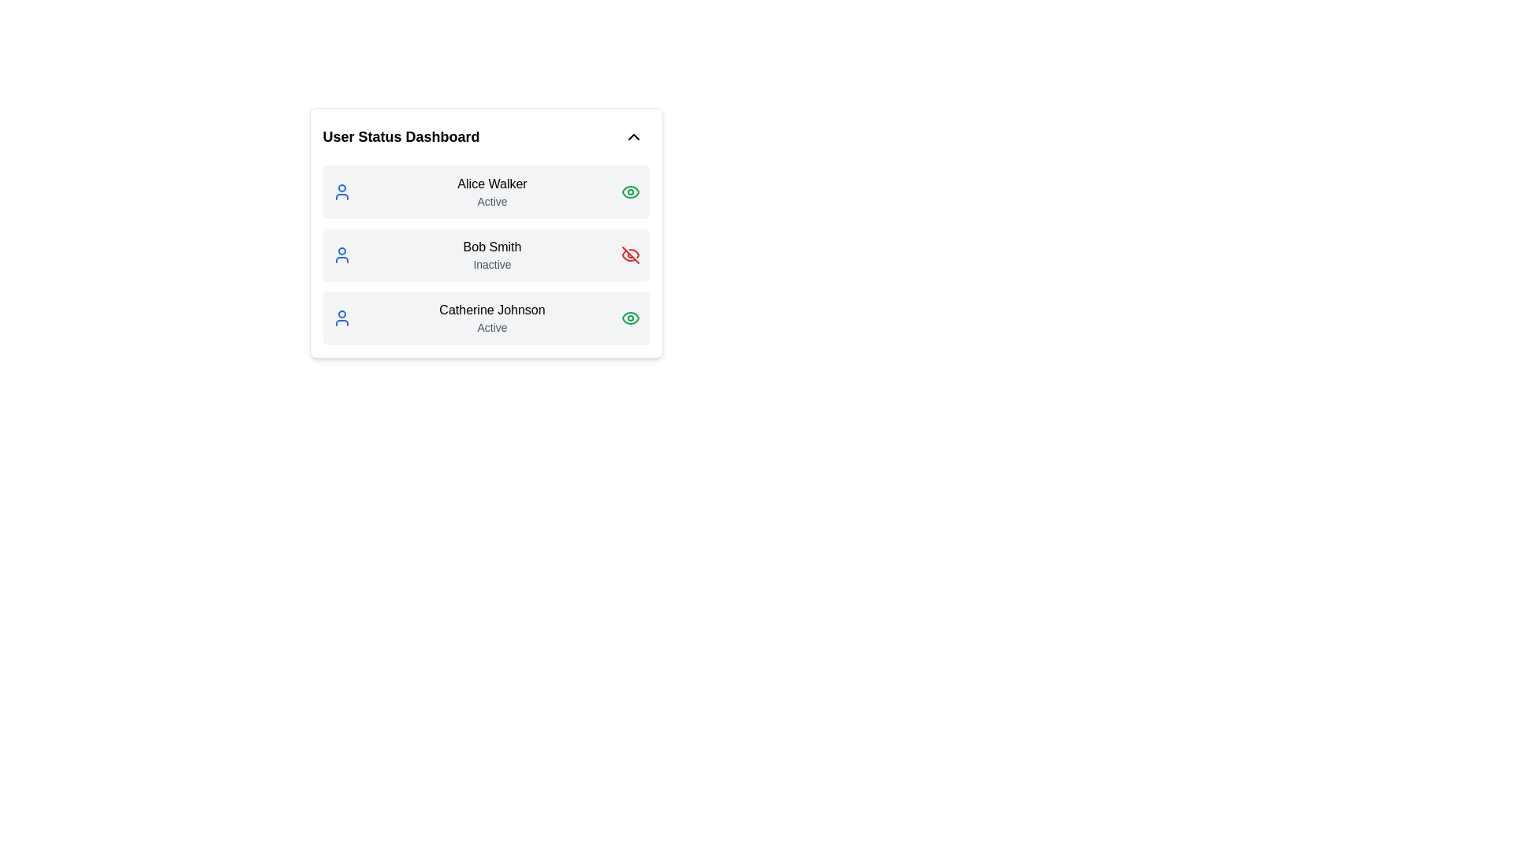  I want to click on the ListItem displaying 'Bob Smith' with 'Inactive' status in the 'User Status Dashboard', so click(485, 255).